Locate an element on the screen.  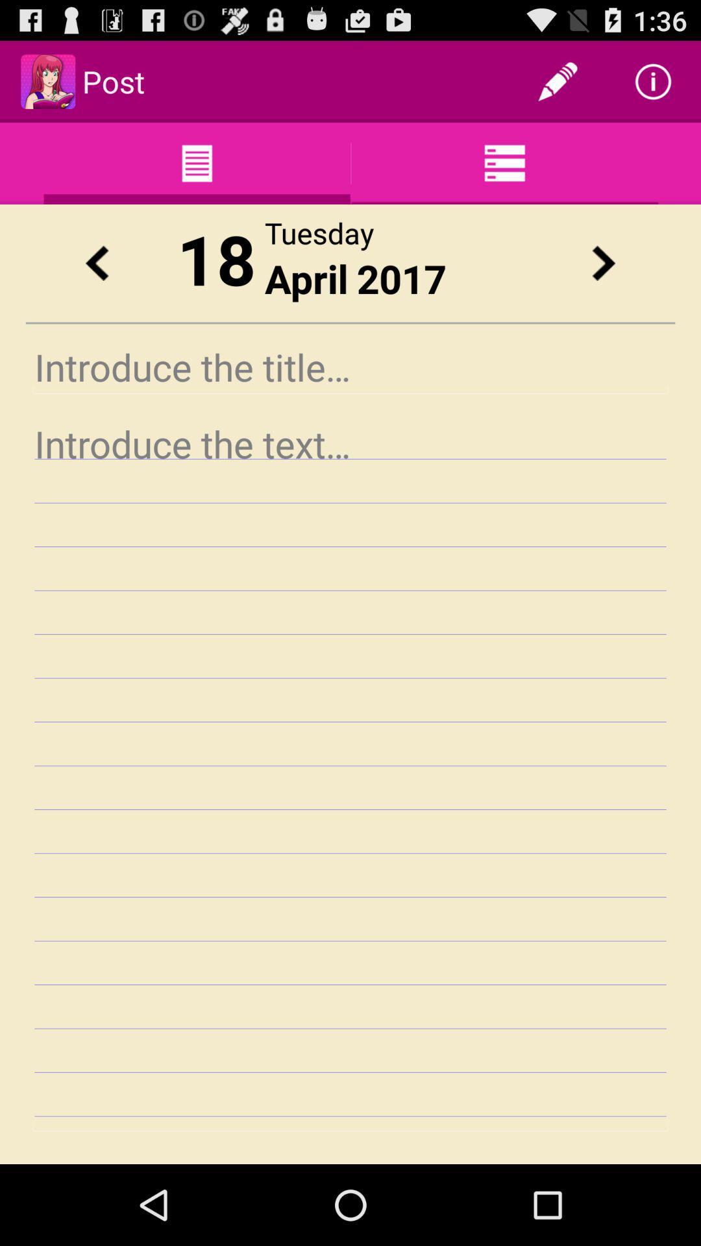
go back is located at coordinates (96, 262).